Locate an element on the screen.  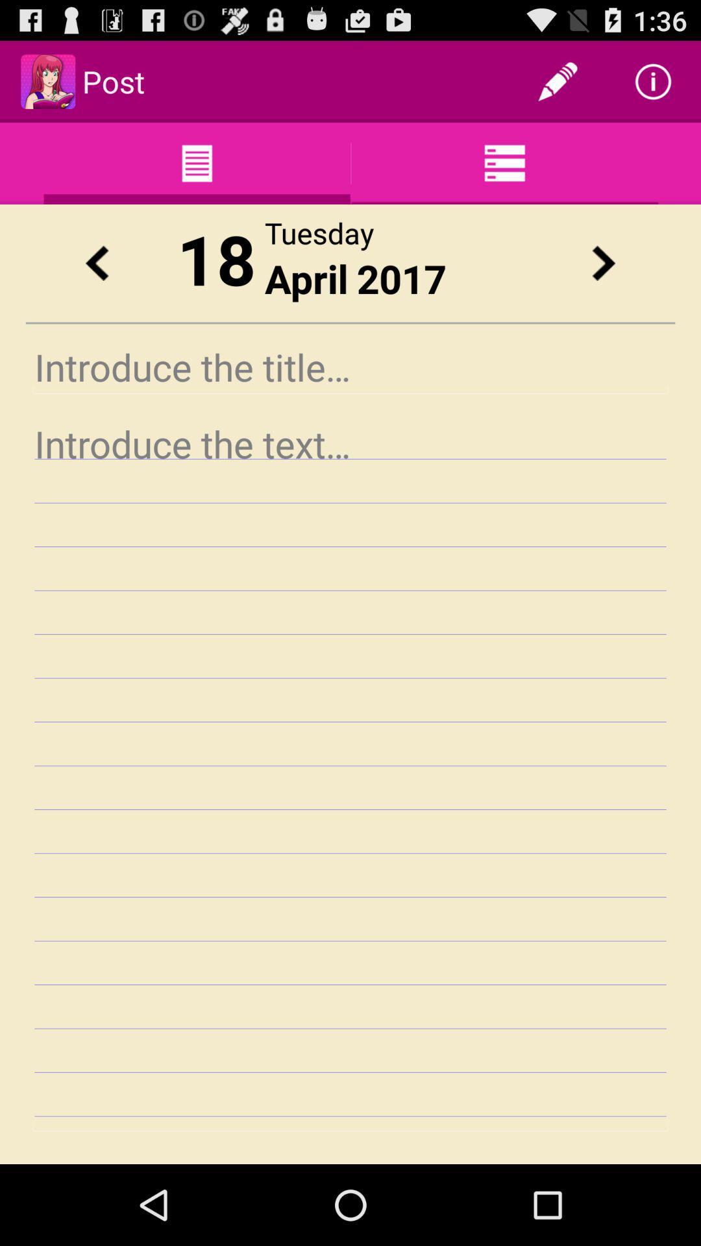
go back is located at coordinates (96, 262).